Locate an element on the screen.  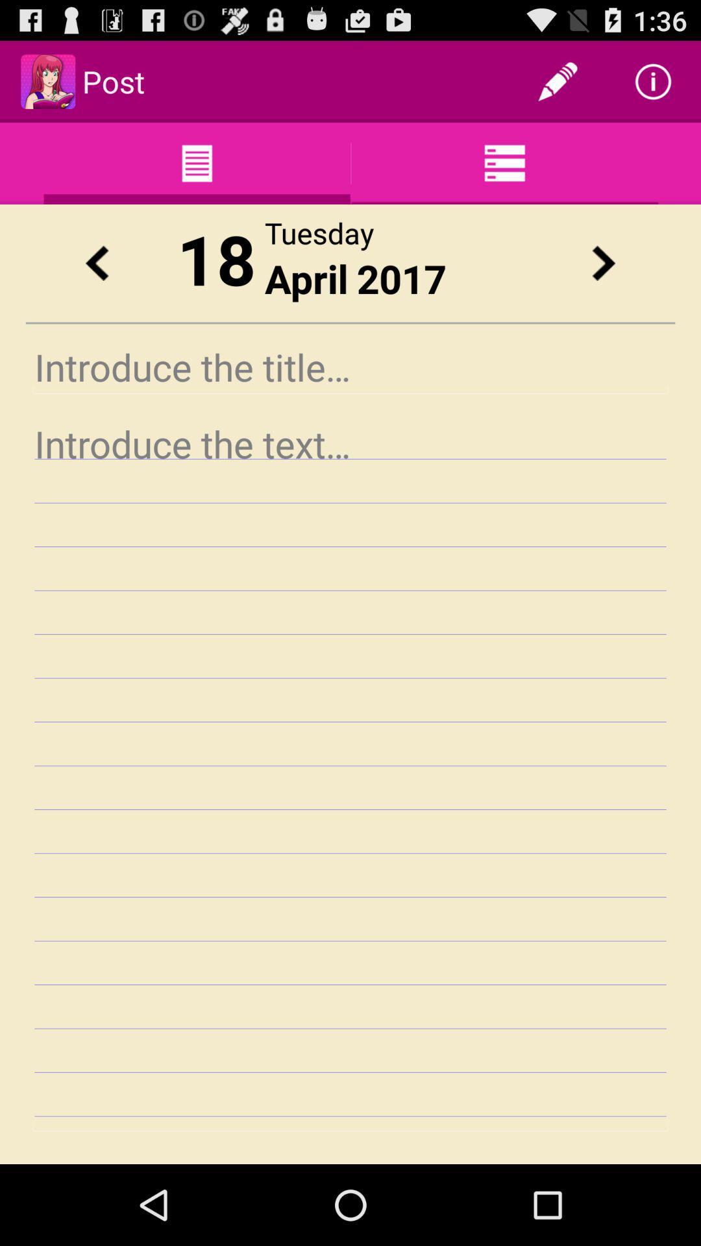
go back is located at coordinates (96, 262).